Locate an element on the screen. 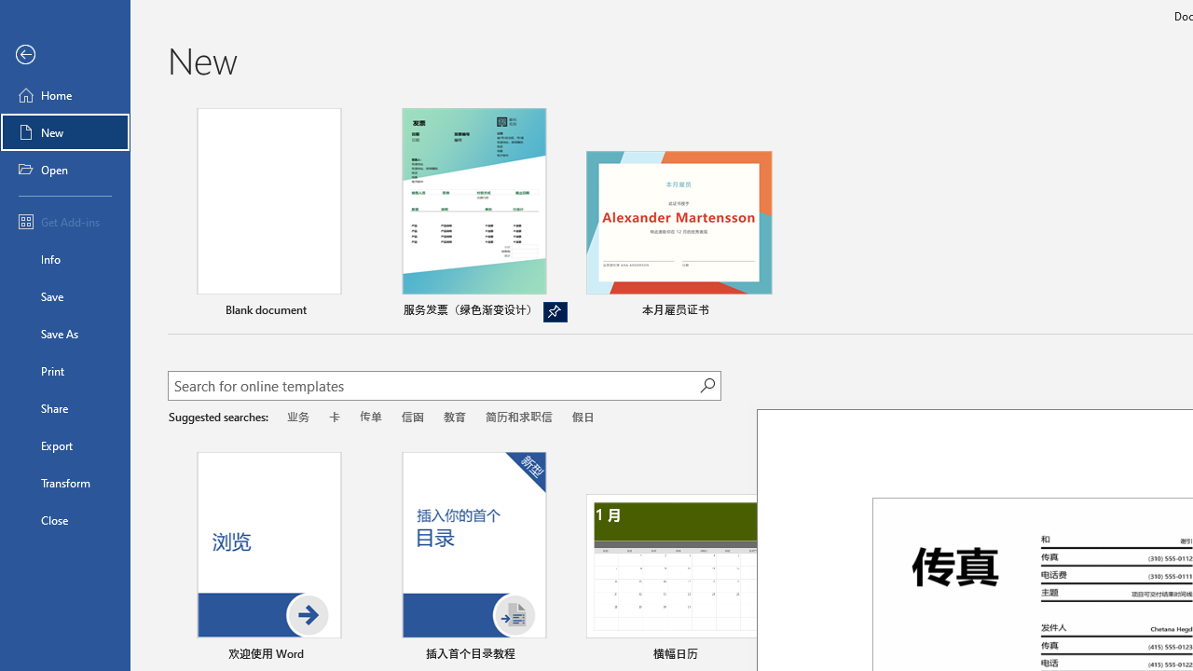 The width and height of the screenshot is (1193, 671). 'Get Add-ins' is located at coordinates (64, 220).